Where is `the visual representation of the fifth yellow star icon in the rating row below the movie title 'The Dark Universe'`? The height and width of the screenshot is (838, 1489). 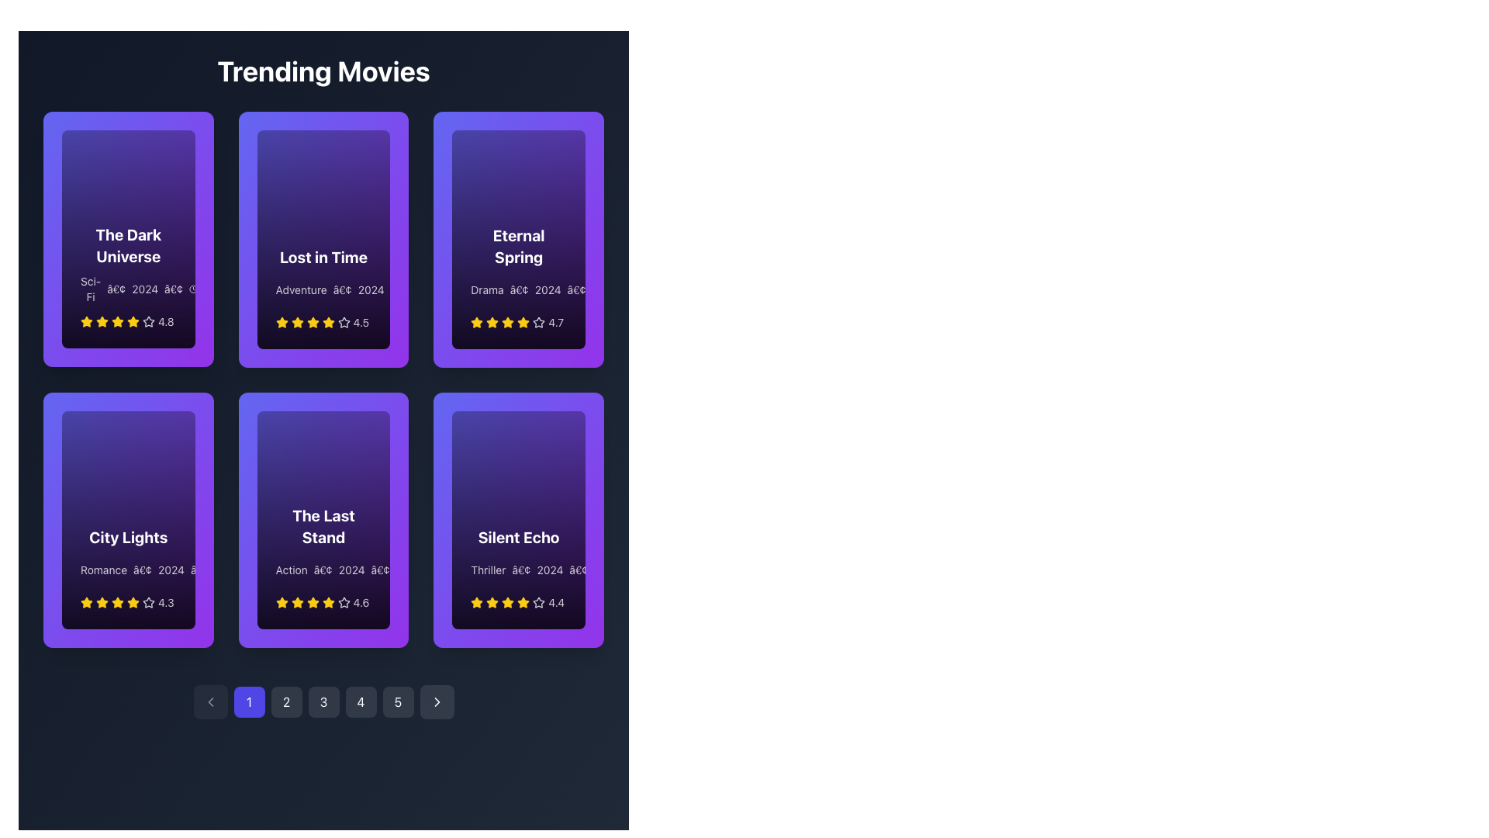
the visual representation of the fifth yellow star icon in the rating row below the movie title 'The Dark Universe' is located at coordinates (117, 321).